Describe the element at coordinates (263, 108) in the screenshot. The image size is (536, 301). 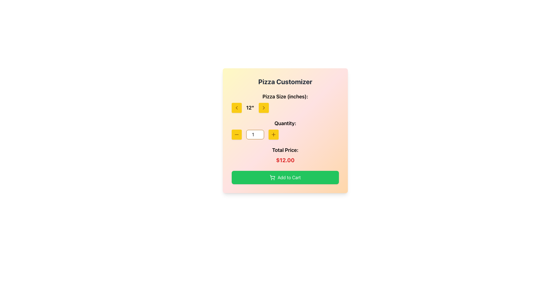
I see `the yellow rounded rectangular button with a right-pointing chevron icon to increment the pizza size, located to the right of the '12"' text` at that location.